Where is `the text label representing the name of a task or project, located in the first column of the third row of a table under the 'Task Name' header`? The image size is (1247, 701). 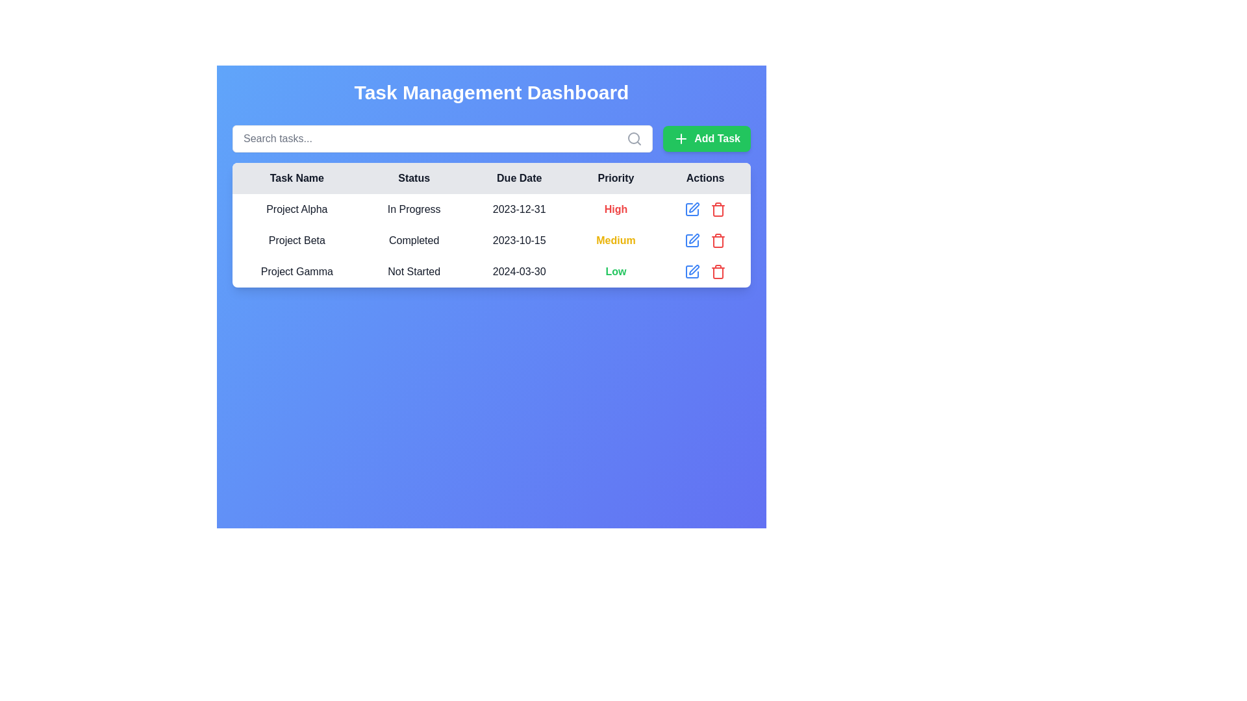 the text label representing the name of a task or project, located in the first column of the third row of a table under the 'Task Name' header is located at coordinates (296, 271).